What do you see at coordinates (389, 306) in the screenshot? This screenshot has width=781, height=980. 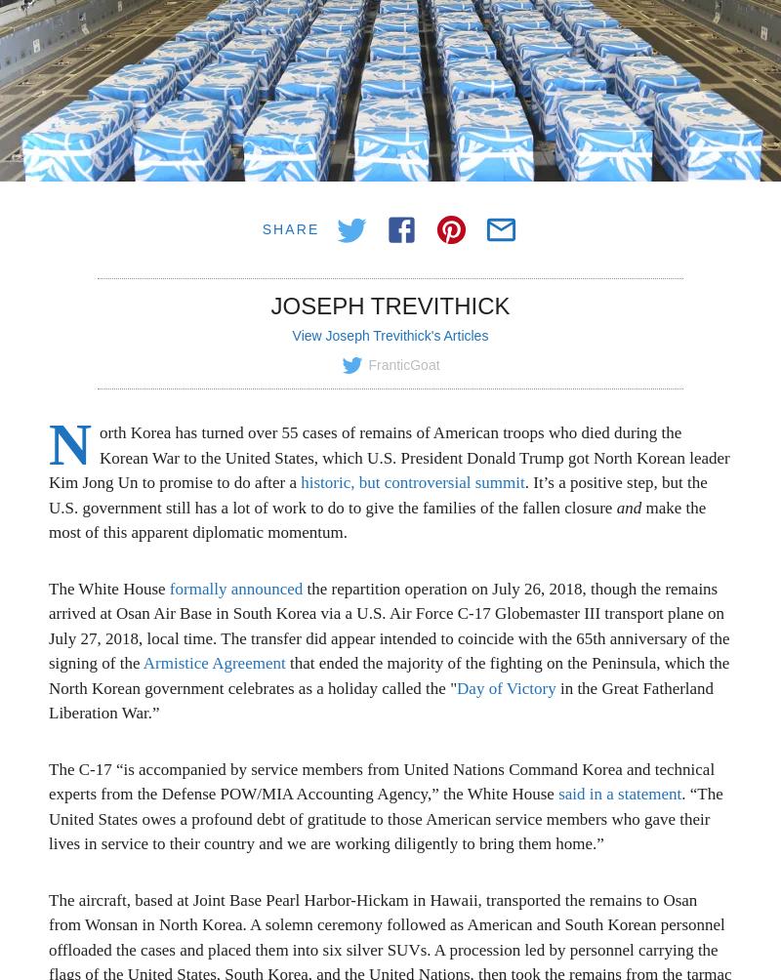 I see `'Joseph Trevithick'` at bounding box center [389, 306].